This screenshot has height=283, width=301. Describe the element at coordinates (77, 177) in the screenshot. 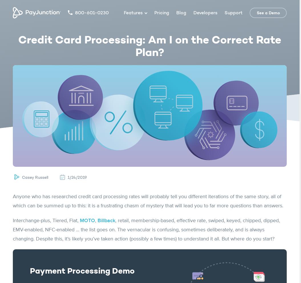

I see `'1/24/2019'` at that location.